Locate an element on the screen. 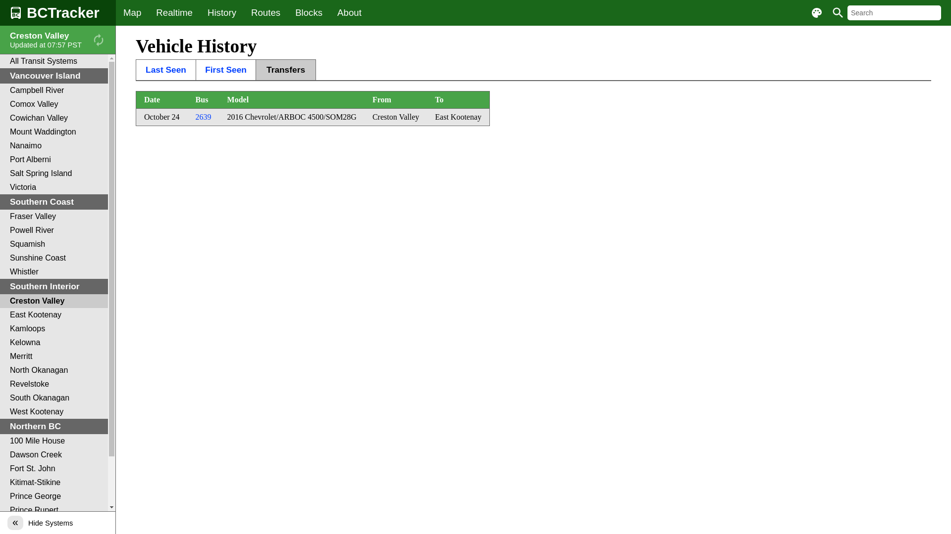  'Campbell River' is located at coordinates (53, 90).